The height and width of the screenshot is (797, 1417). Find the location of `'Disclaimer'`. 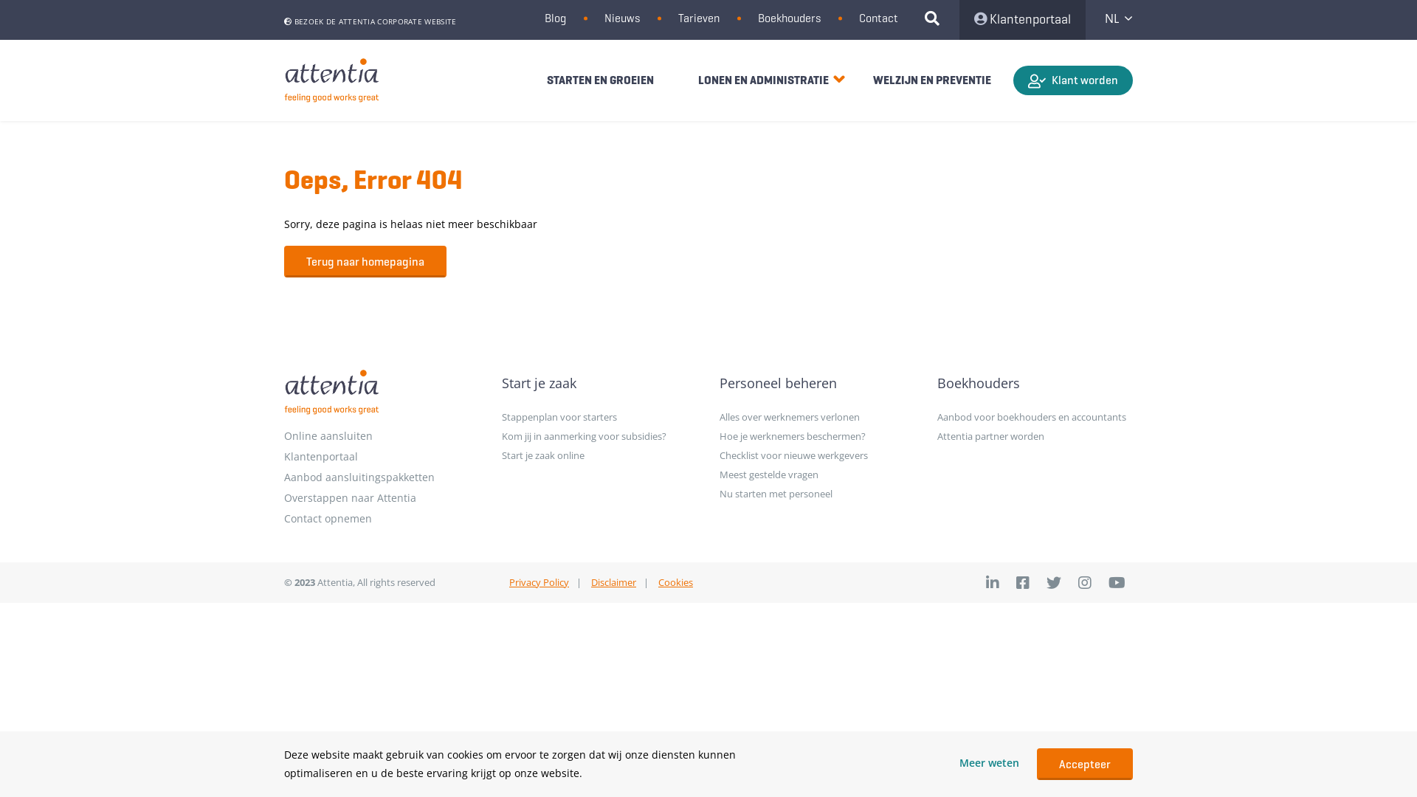

'Disclaimer' is located at coordinates (613, 582).